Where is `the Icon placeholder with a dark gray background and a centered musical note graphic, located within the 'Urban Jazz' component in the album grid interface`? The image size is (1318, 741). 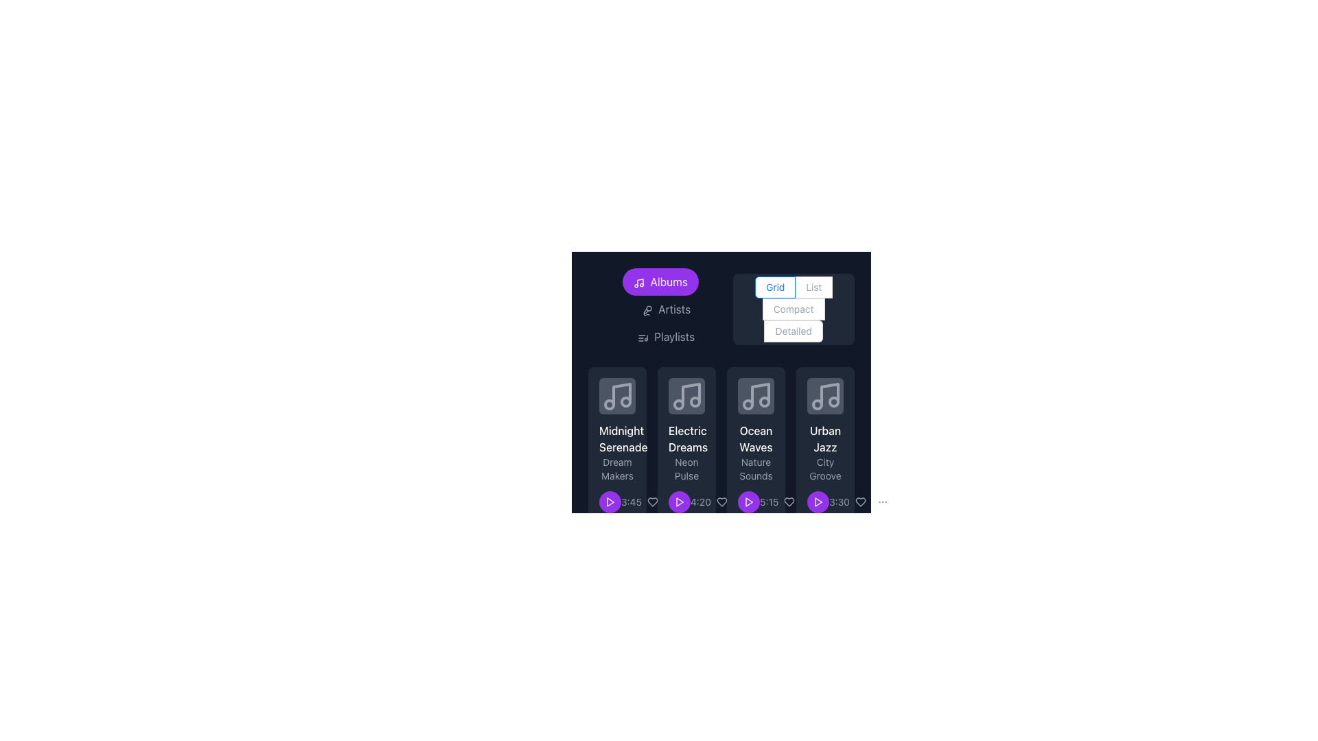
the Icon placeholder with a dark gray background and a centered musical note graphic, located within the 'Urban Jazz' component in the album grid interface is located at coordinates (824, 396).